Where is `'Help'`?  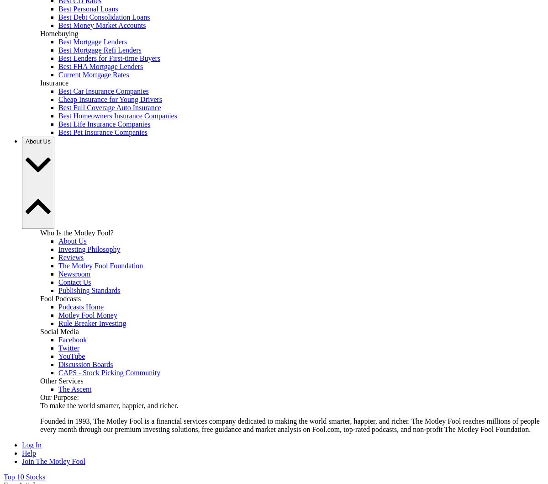
'Help' is located at coordinates (29, 452).